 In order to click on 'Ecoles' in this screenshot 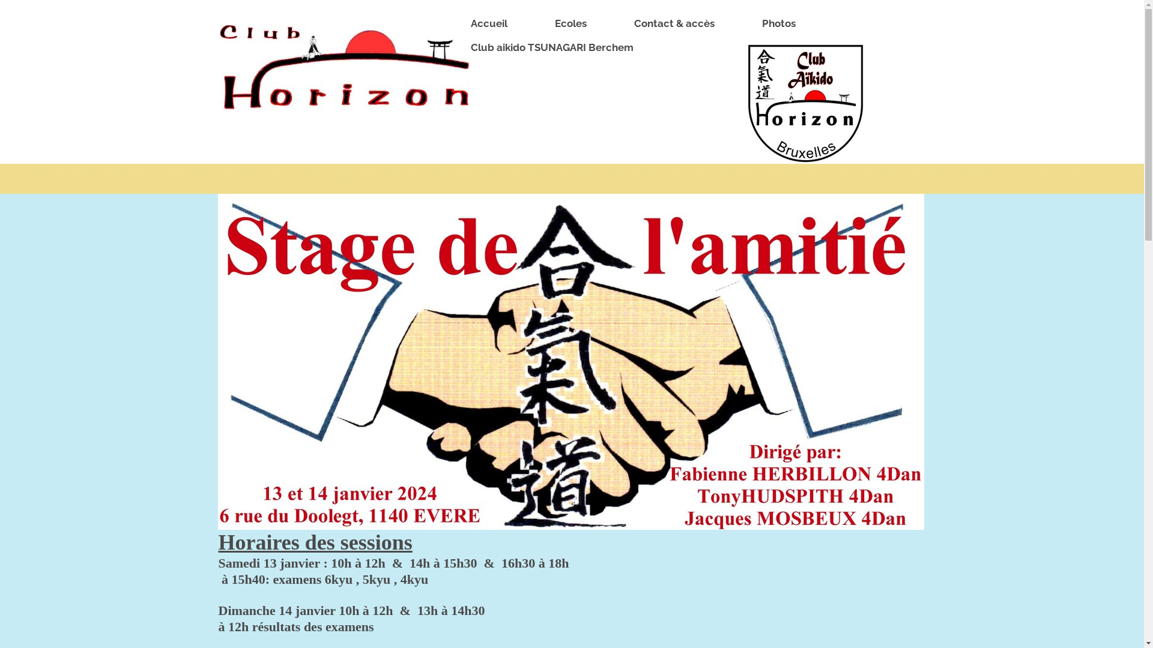, I will do `click(536, 23)`.